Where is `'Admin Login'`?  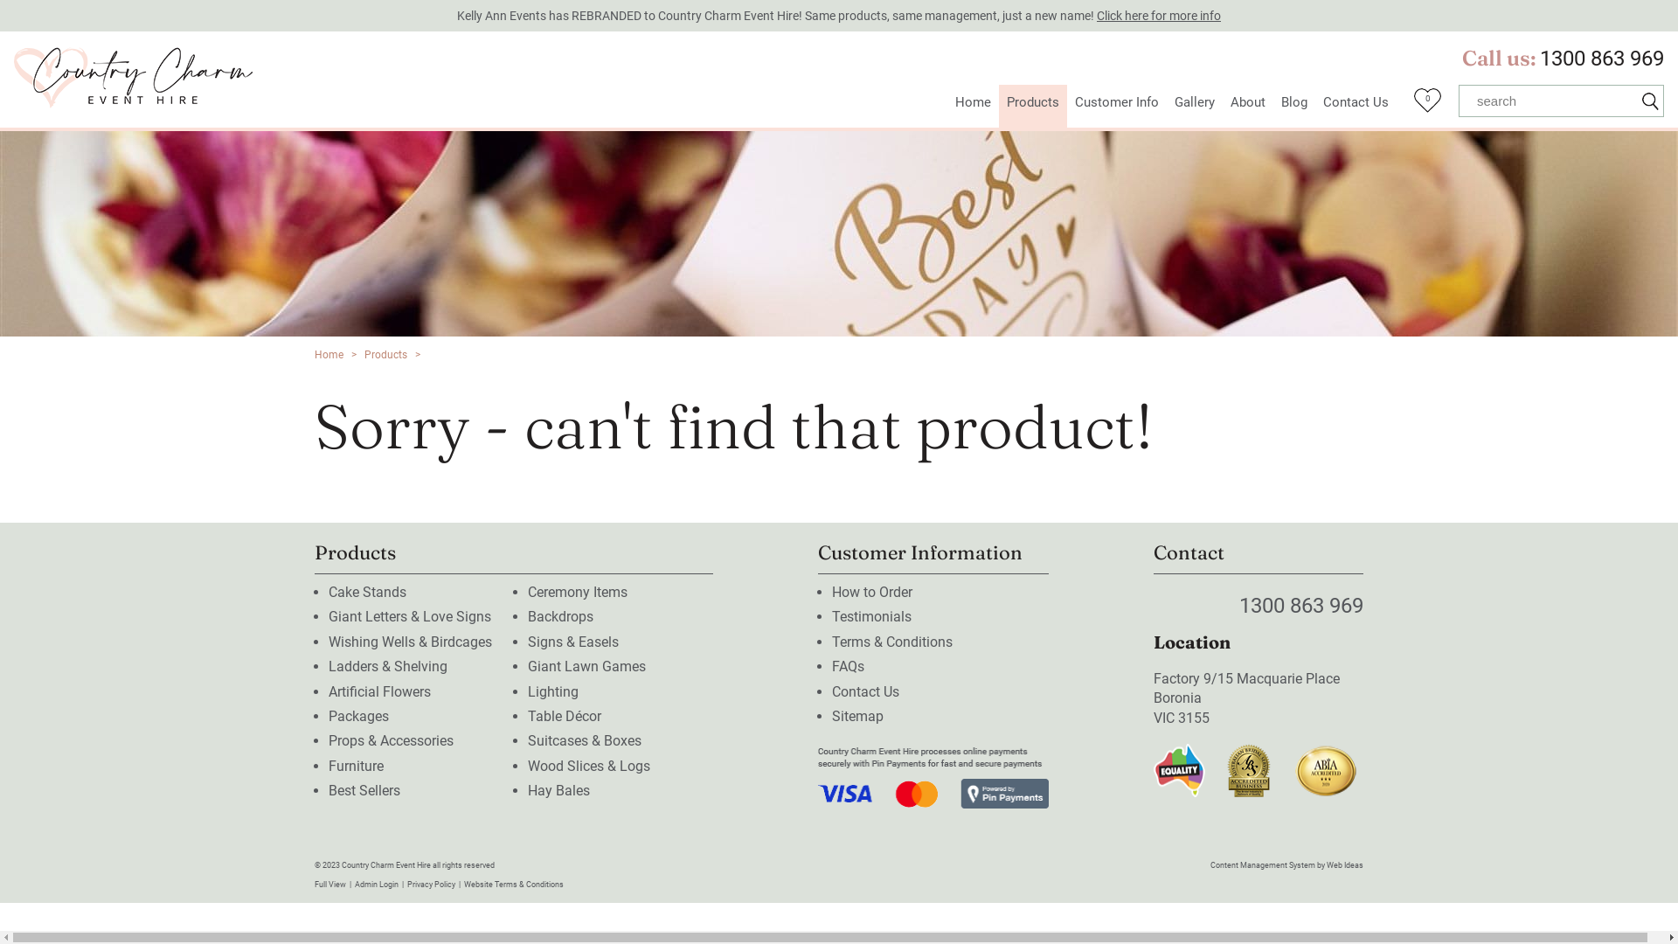
'Admin Login' is located at coordinates (354, 884).